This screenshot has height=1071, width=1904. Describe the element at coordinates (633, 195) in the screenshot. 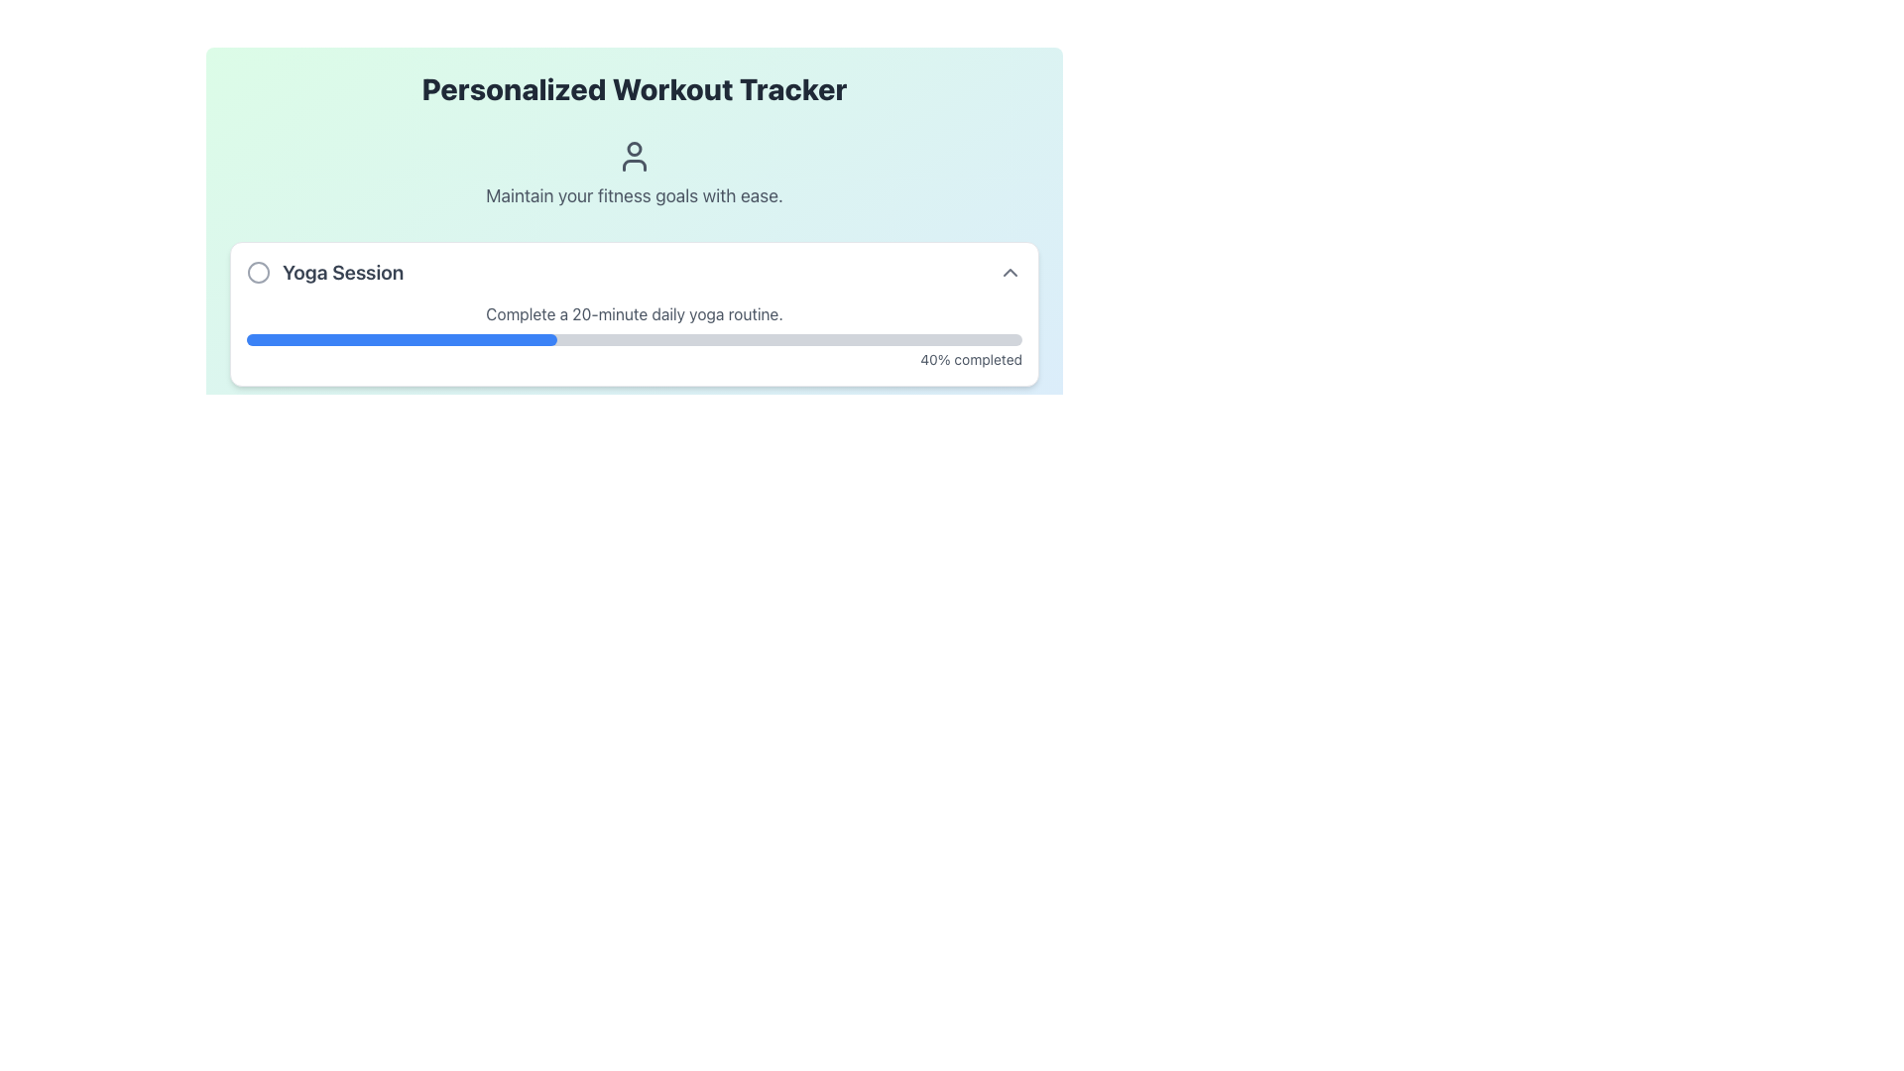

I see `the motivational text related to fitness management located directly underneath the user icon in the upper-middle section of the interface` at that location.